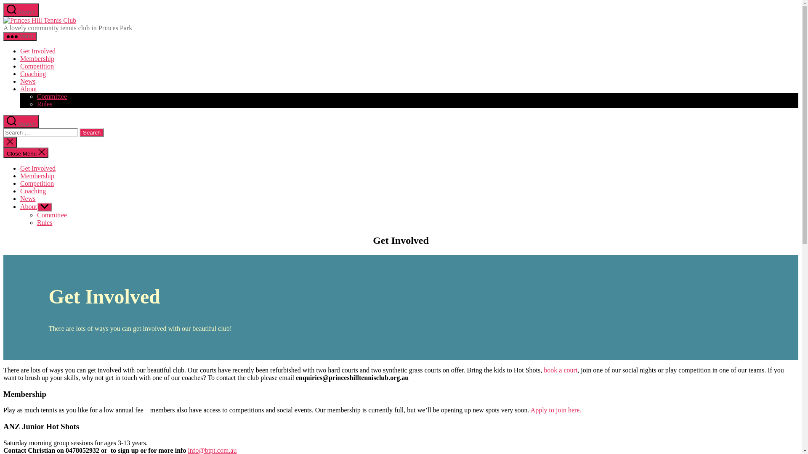 The height and width of the screenshot is (454, 808). What do you see at coordinates (21, 10) in the screenshot?
I see `'Search'` at bounding box center [21, 10].